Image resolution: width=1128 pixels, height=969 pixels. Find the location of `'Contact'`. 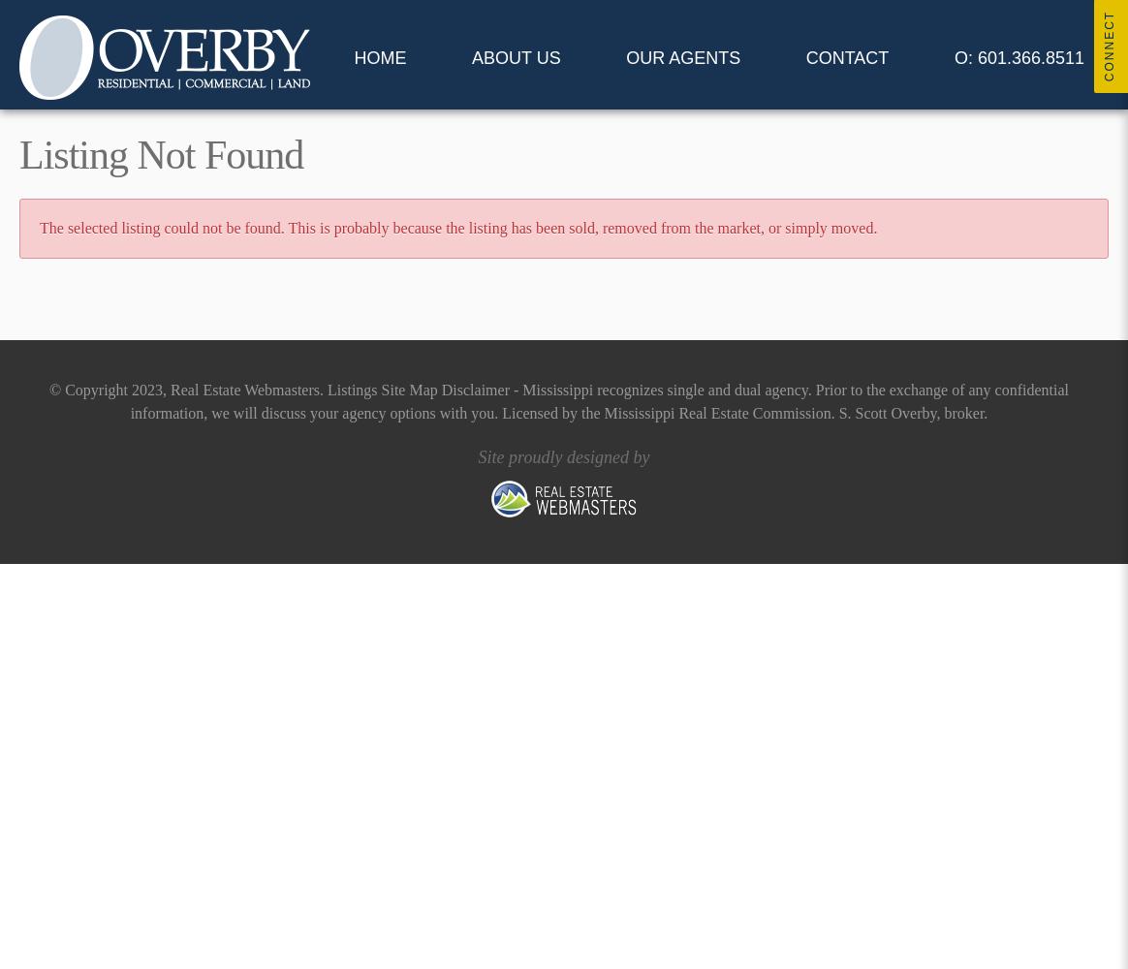

'Contact' is located at coordinates (847, 58).